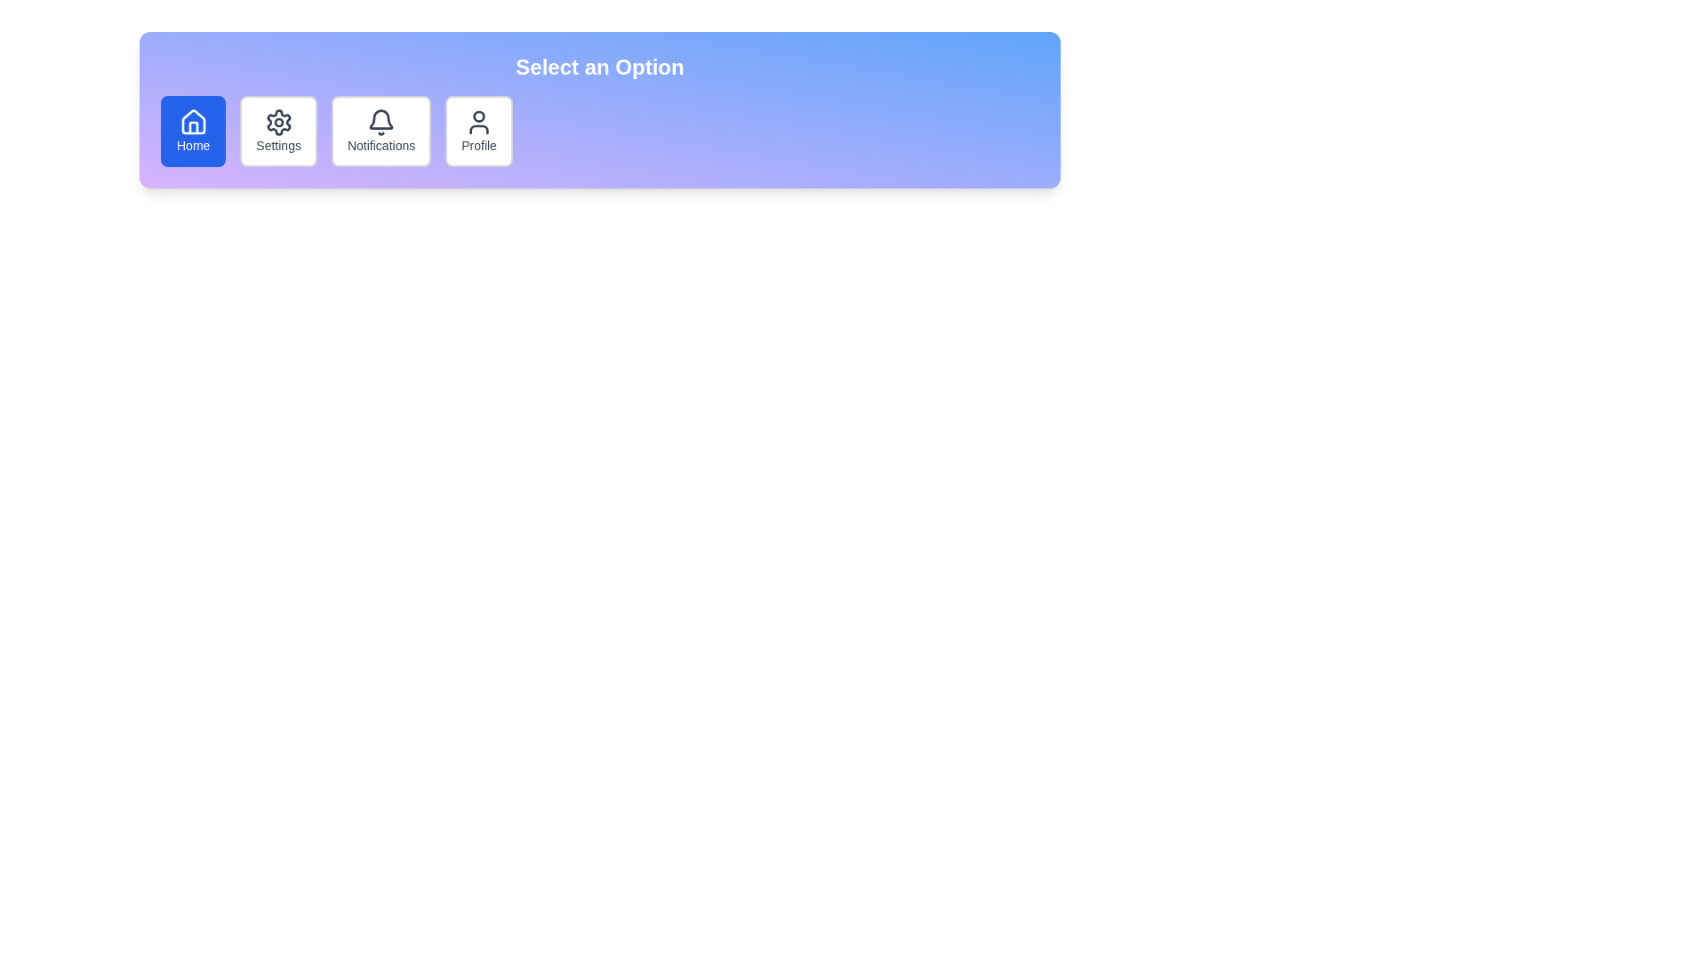 The width and height of the screenshot is (1707, 960). What do you see at coordinates (193, 122) in the screenshot?
I see `the 'Home' icon located at the center of the blue circle in the navigation menu` at bounding box center [193, 122].